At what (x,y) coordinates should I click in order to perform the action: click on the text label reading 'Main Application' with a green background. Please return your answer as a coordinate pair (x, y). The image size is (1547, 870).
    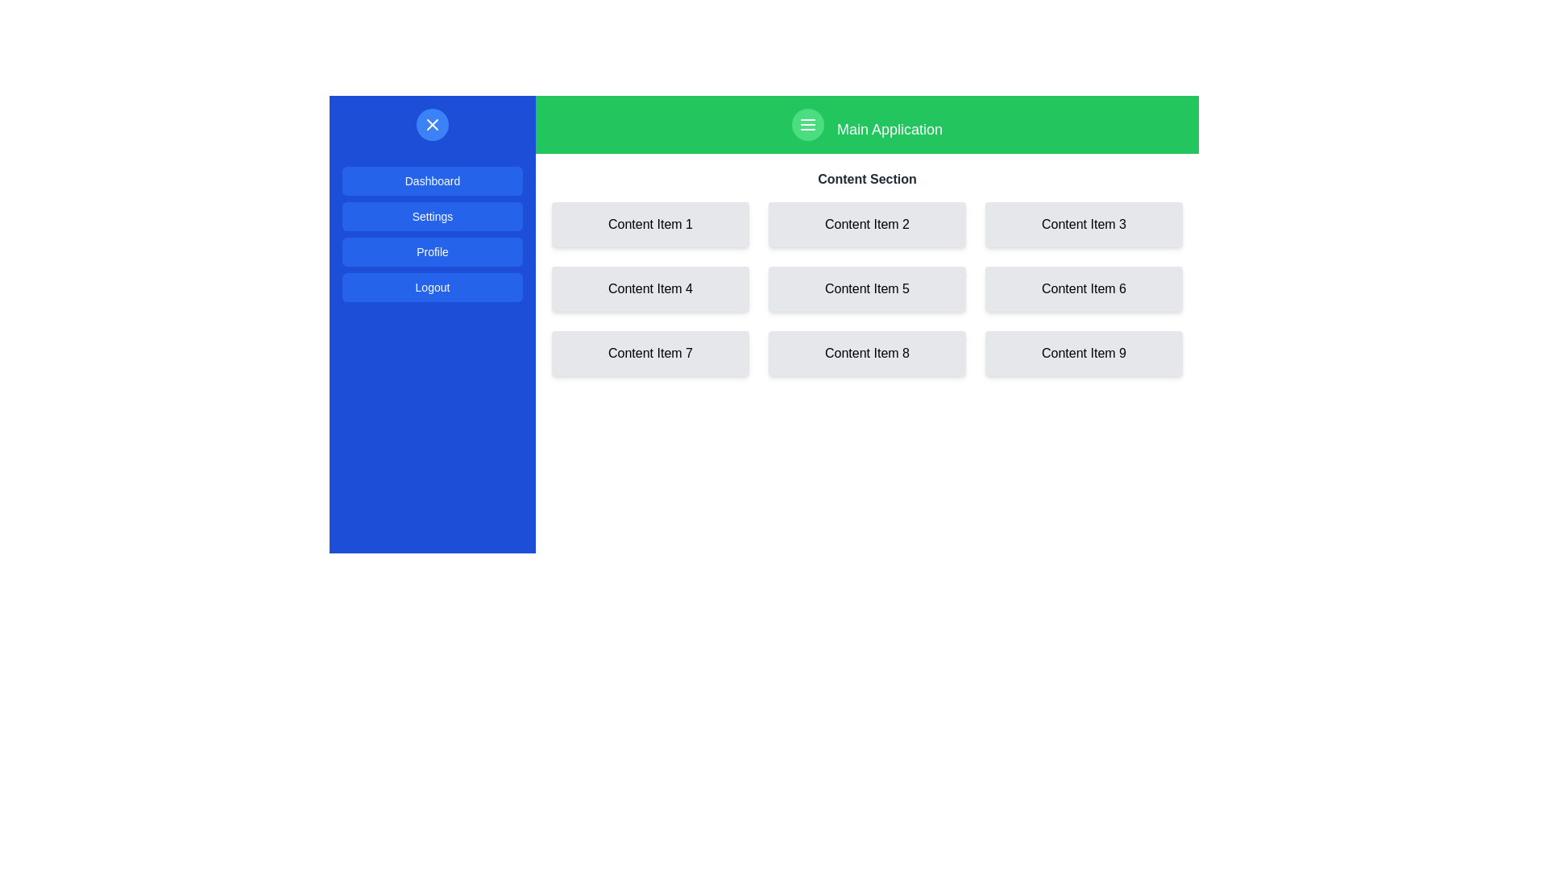
    Looking at the image, I should click on (889, 129).